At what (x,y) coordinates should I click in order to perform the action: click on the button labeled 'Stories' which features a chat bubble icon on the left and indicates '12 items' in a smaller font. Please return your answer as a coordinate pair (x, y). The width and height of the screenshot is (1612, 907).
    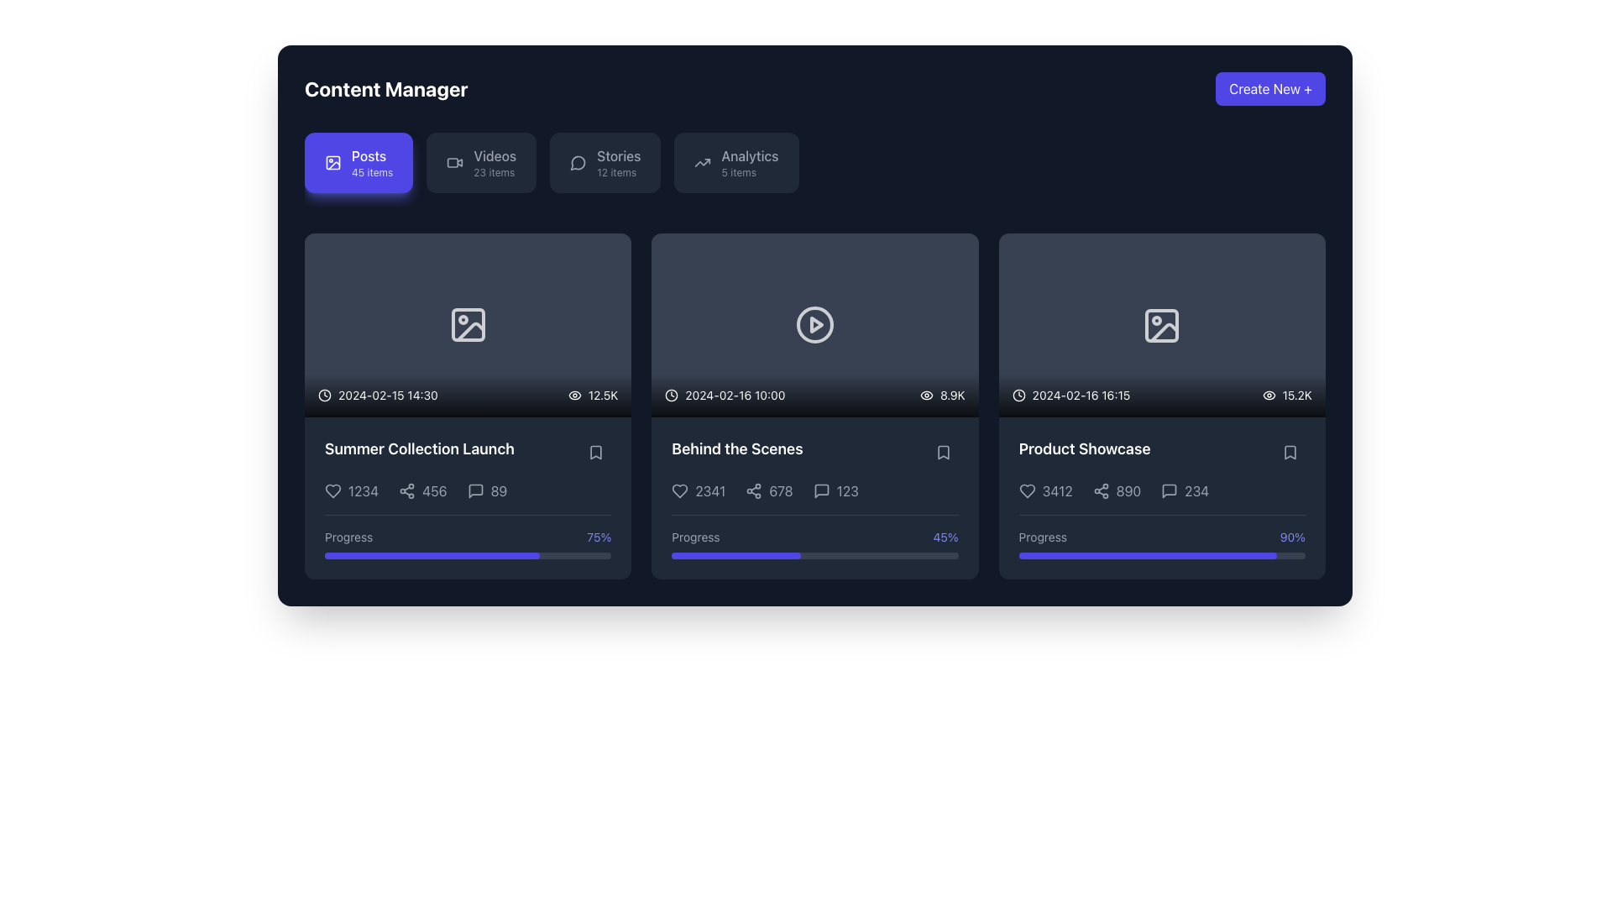
    Looking at the image, I should click on (604, 162).